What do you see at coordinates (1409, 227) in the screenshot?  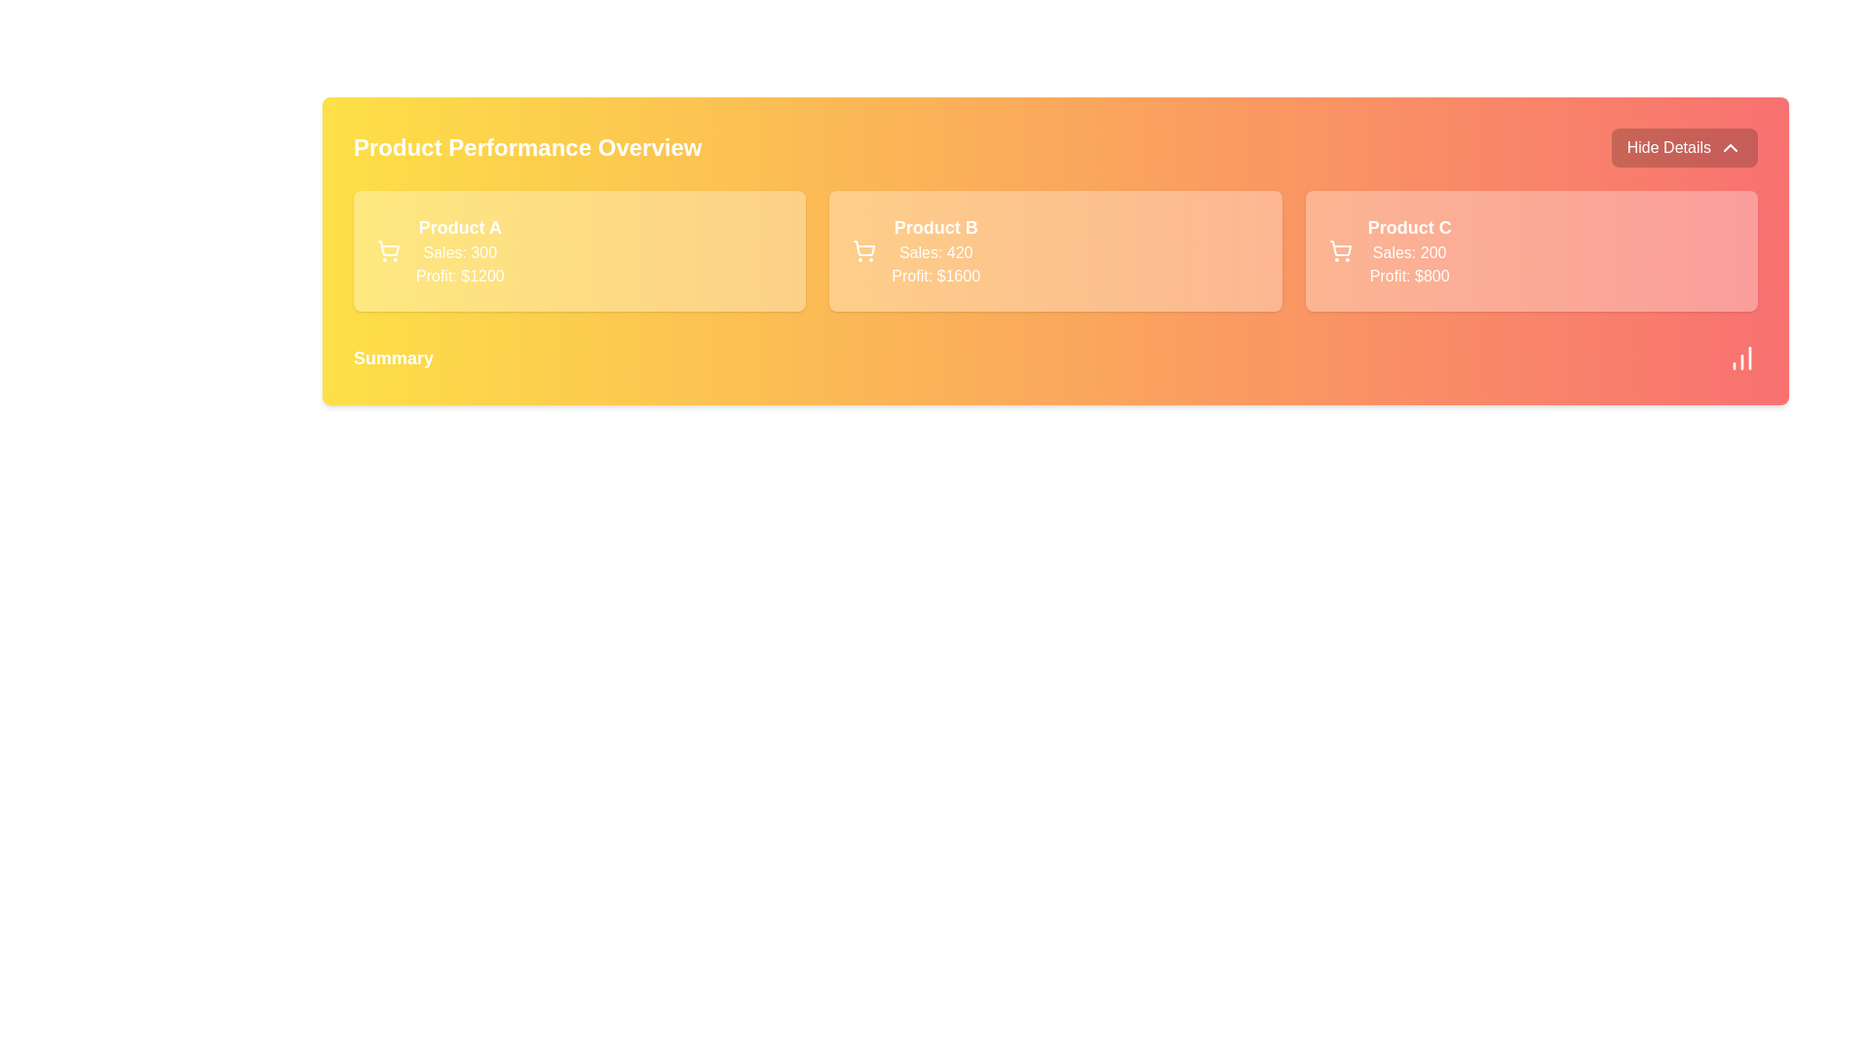 I see `the text content of the label indicating the product name 'Product C', which is located in the third column and above the sales and profit information` at bounding box center [1409, 227].